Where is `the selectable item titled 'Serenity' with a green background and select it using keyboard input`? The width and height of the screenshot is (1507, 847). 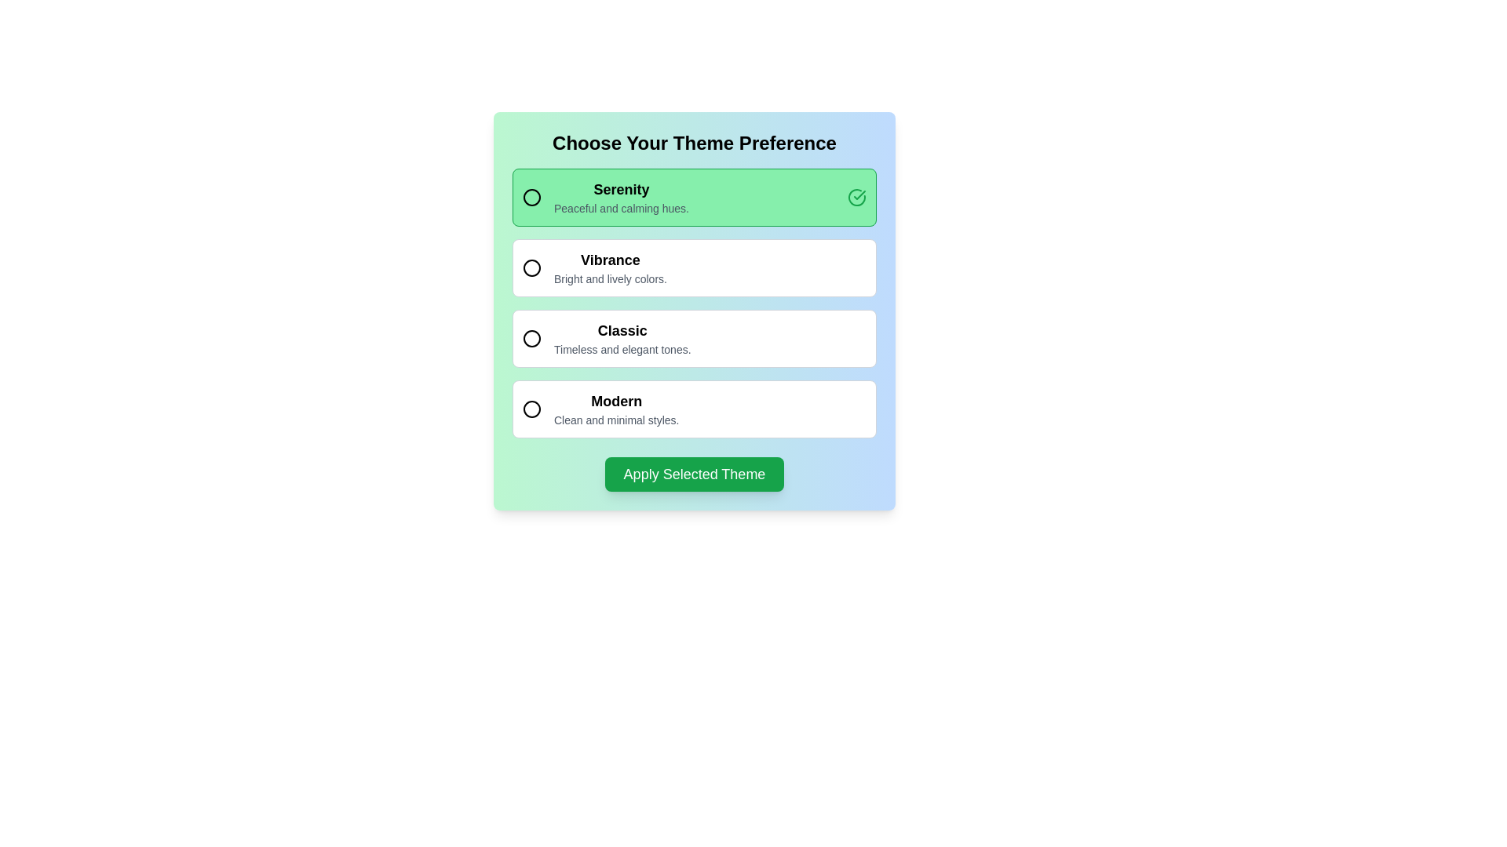
the selectable item titled 'Serenity' with a green background and select it using keyboard input is located at coordinates (693, 196).